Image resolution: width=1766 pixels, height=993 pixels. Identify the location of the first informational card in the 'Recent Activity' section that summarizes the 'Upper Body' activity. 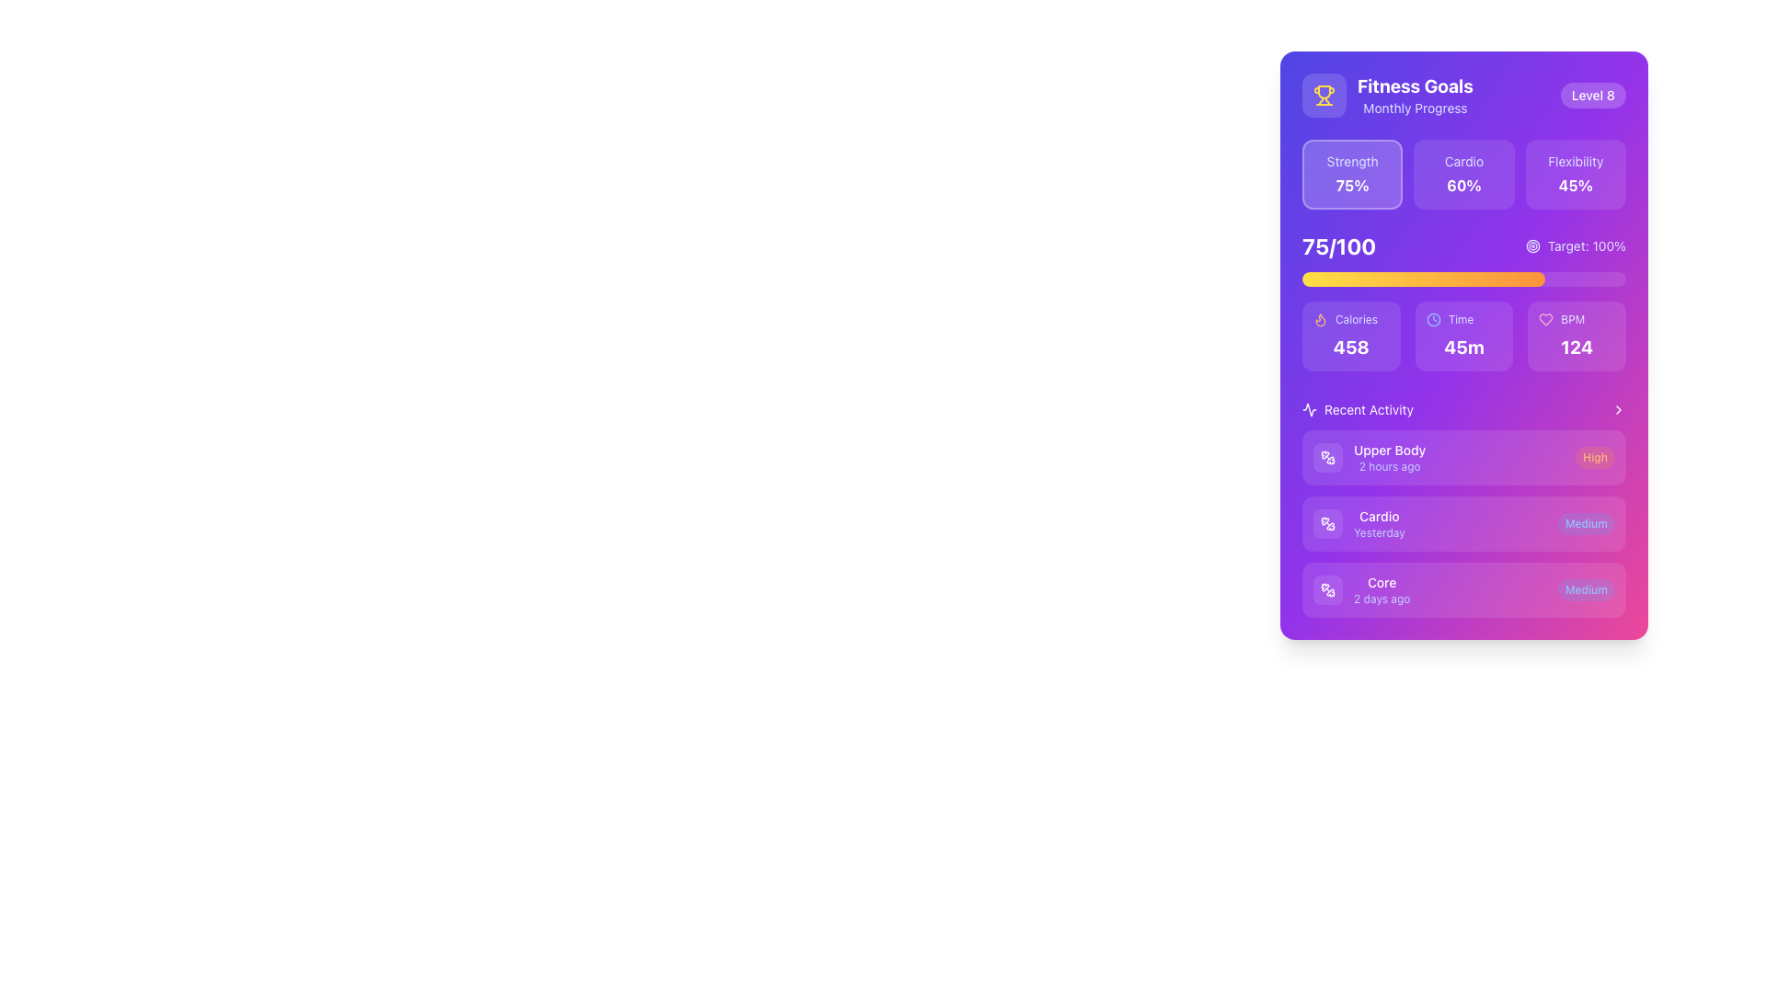
(1463, 456).